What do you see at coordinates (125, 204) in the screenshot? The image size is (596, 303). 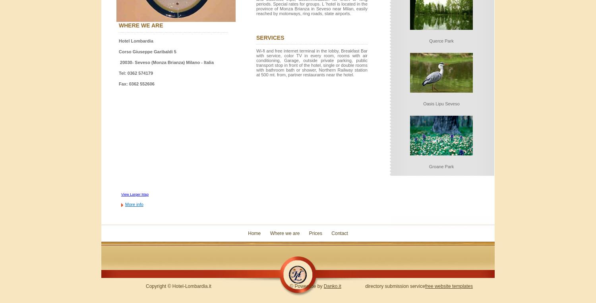 I see `'More info'` at bounding box center [125, 204].